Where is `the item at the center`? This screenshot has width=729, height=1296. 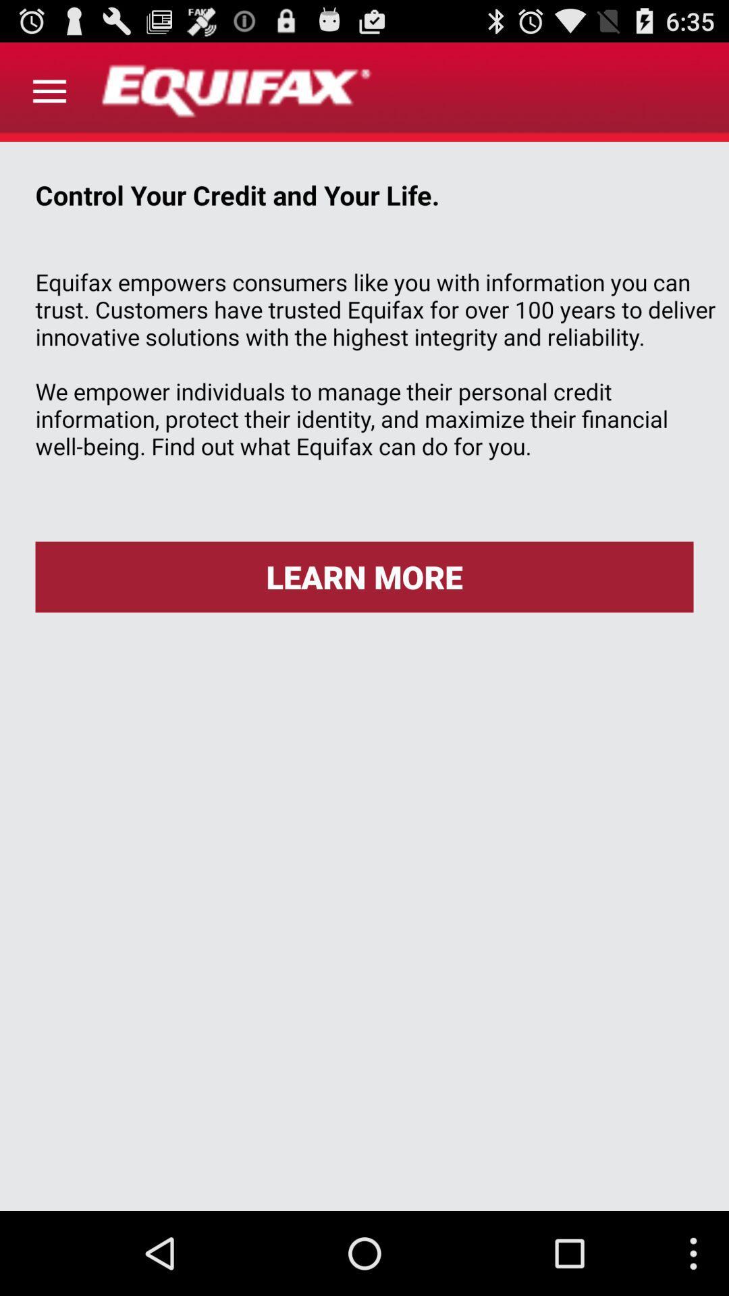
the item at the center is located at coordinates (364, 576).